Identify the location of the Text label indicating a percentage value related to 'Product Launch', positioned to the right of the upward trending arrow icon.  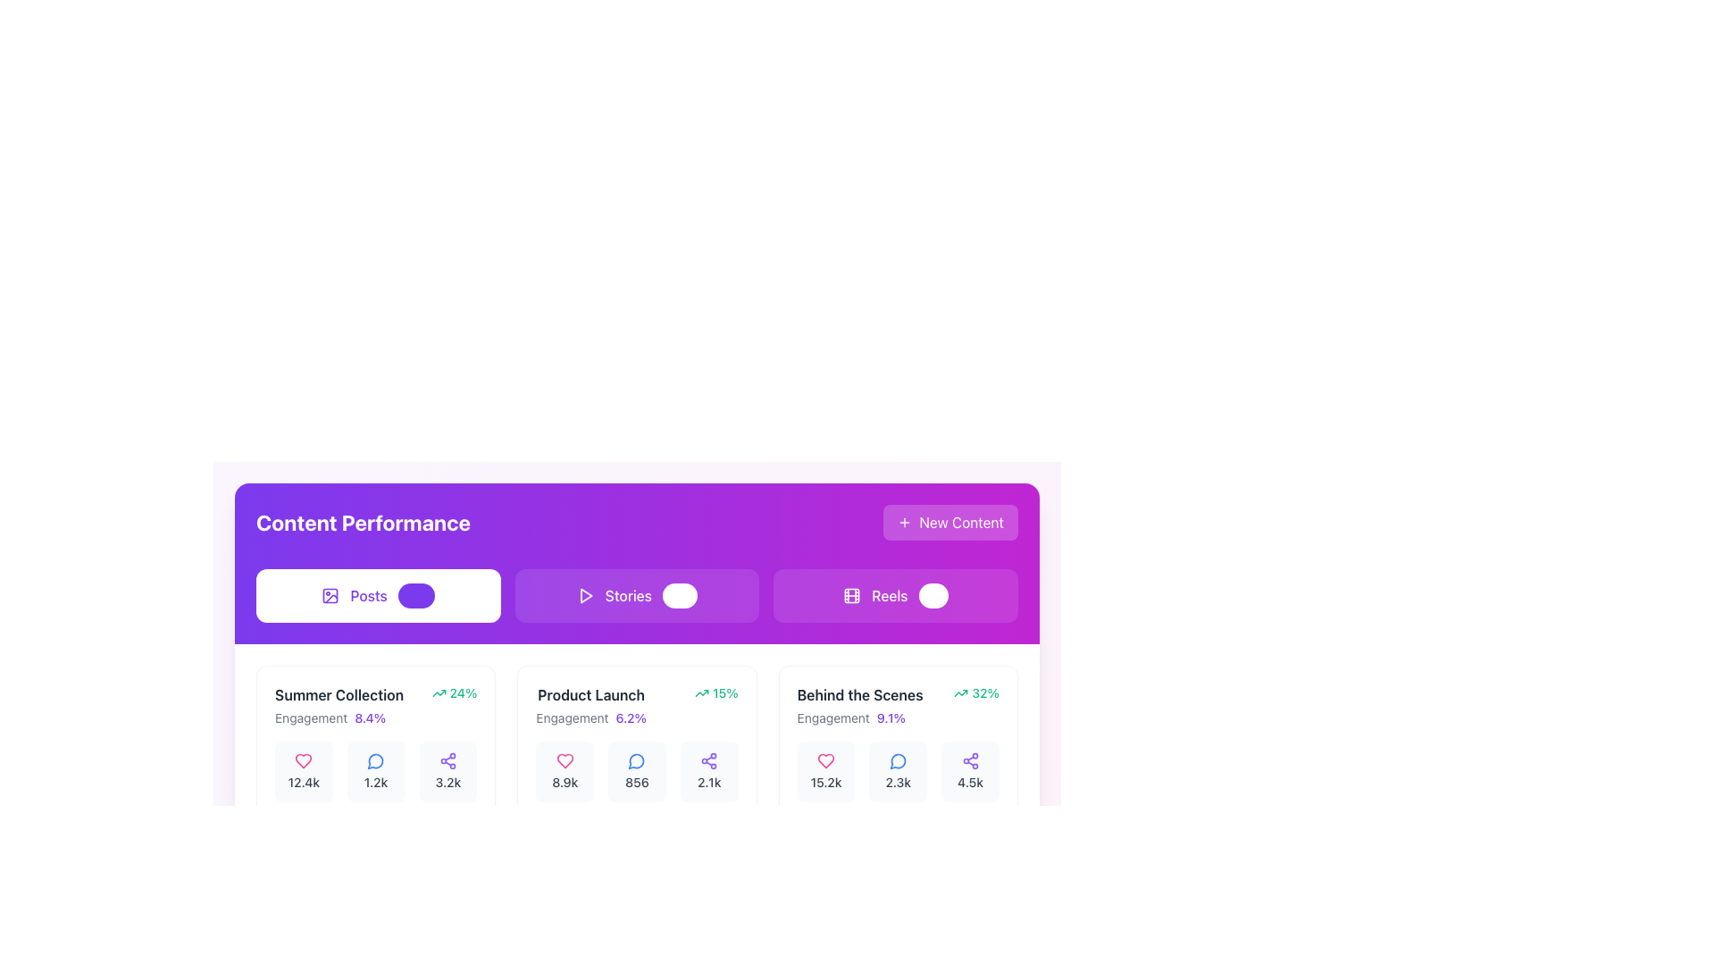
(725, 692).